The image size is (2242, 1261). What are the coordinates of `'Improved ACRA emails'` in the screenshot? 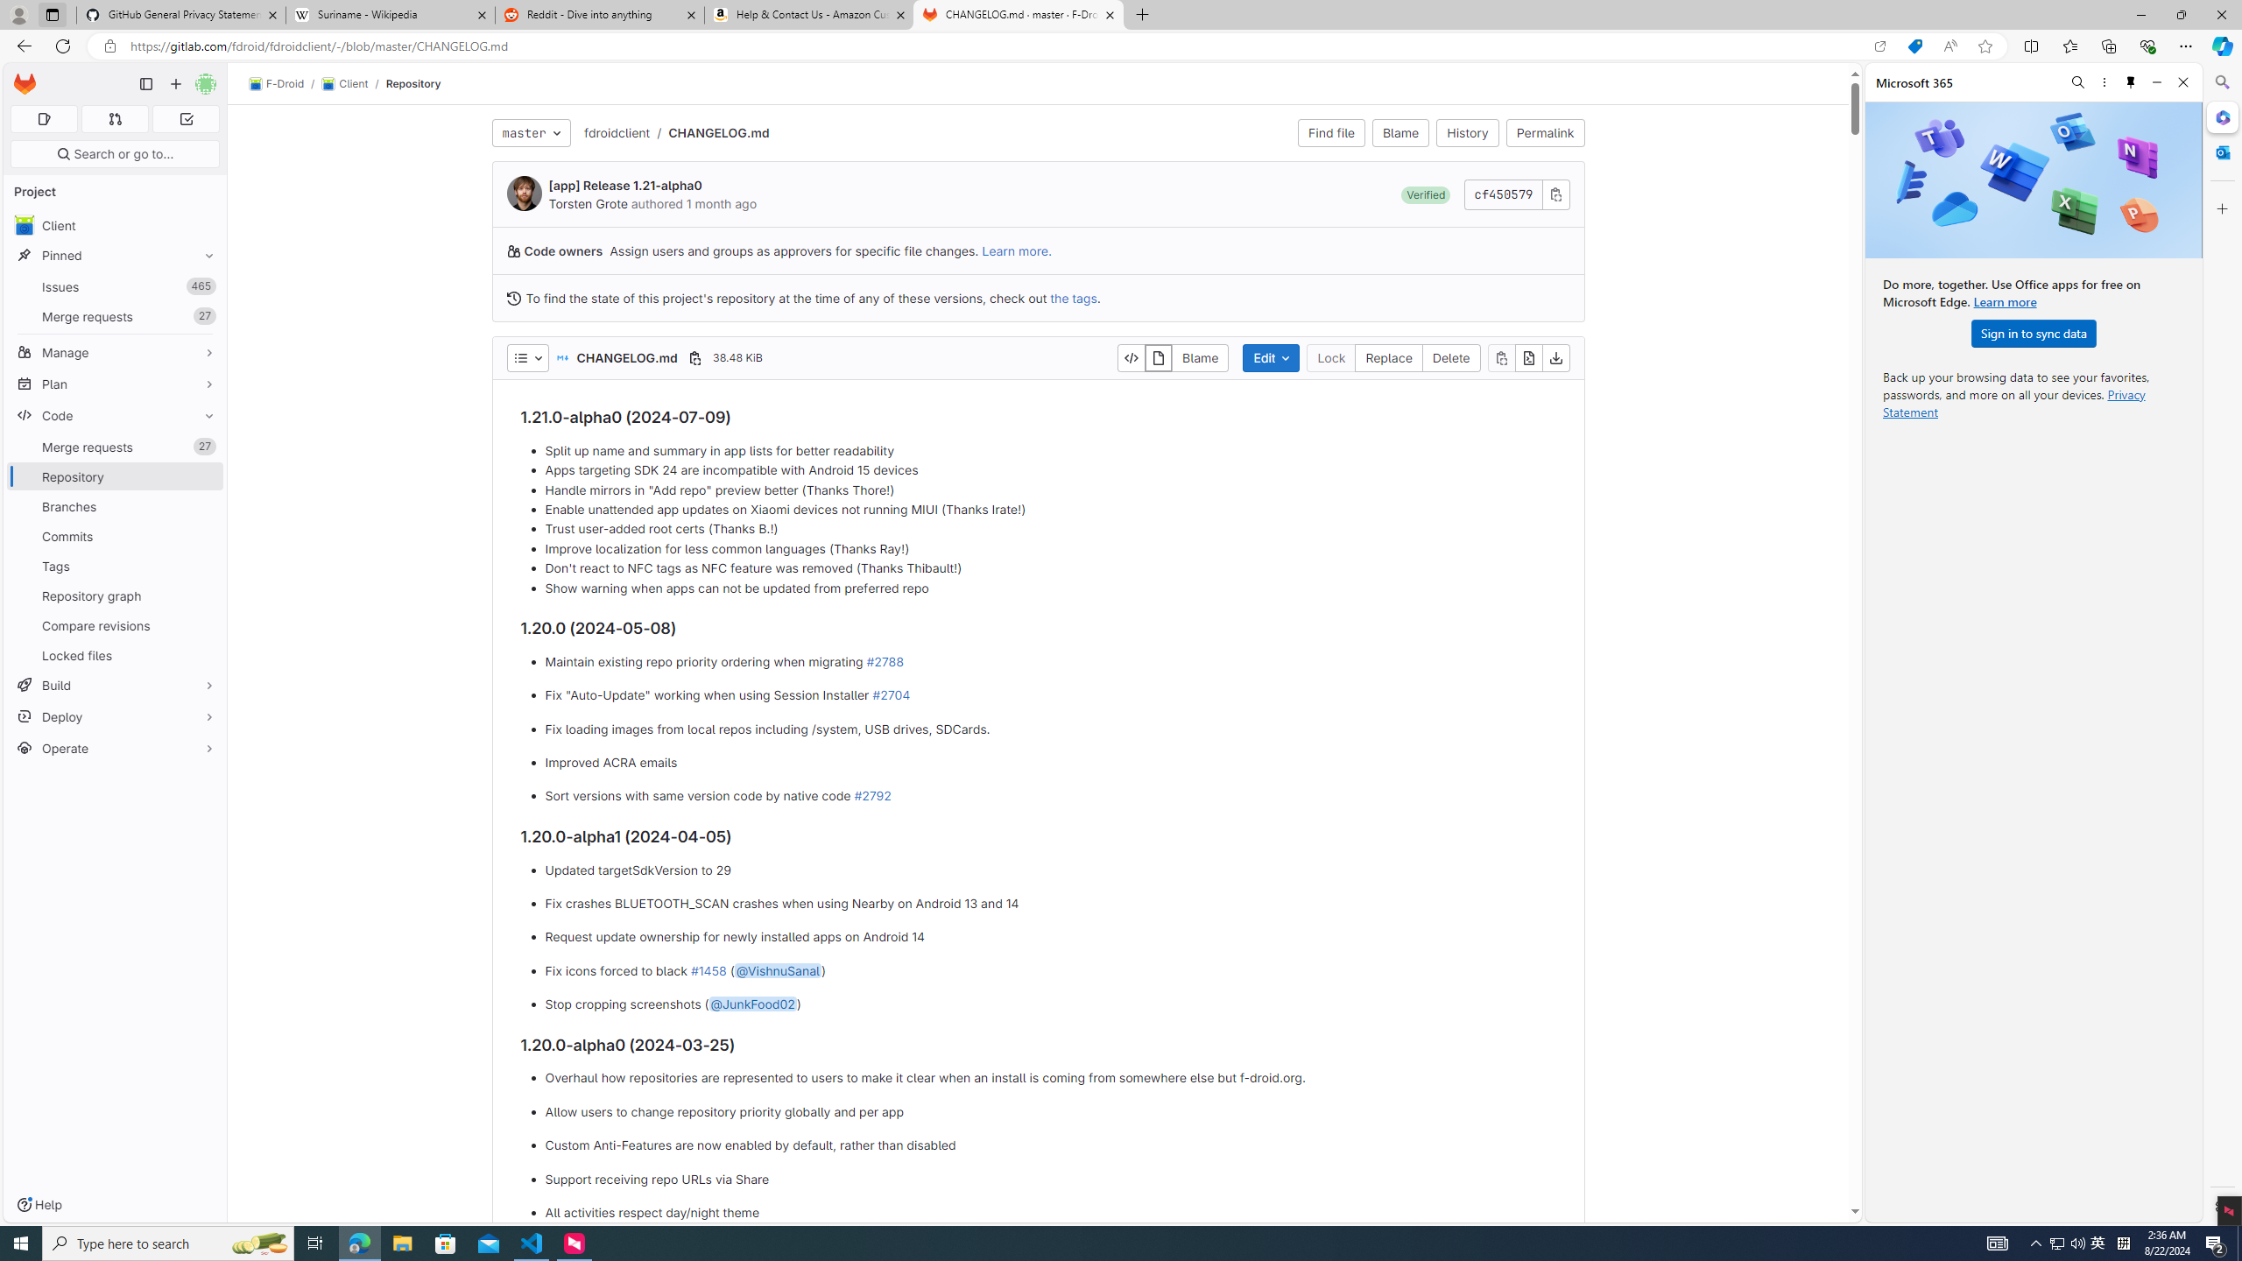 It's located at (1049, 762).